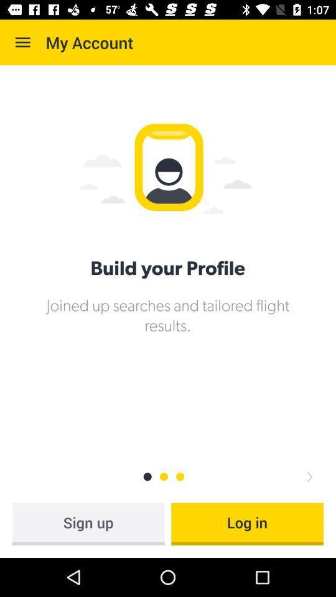 The width and height of the screenshot is (336, 597). I want to click on the icon above the log in item, so click(309, 476).